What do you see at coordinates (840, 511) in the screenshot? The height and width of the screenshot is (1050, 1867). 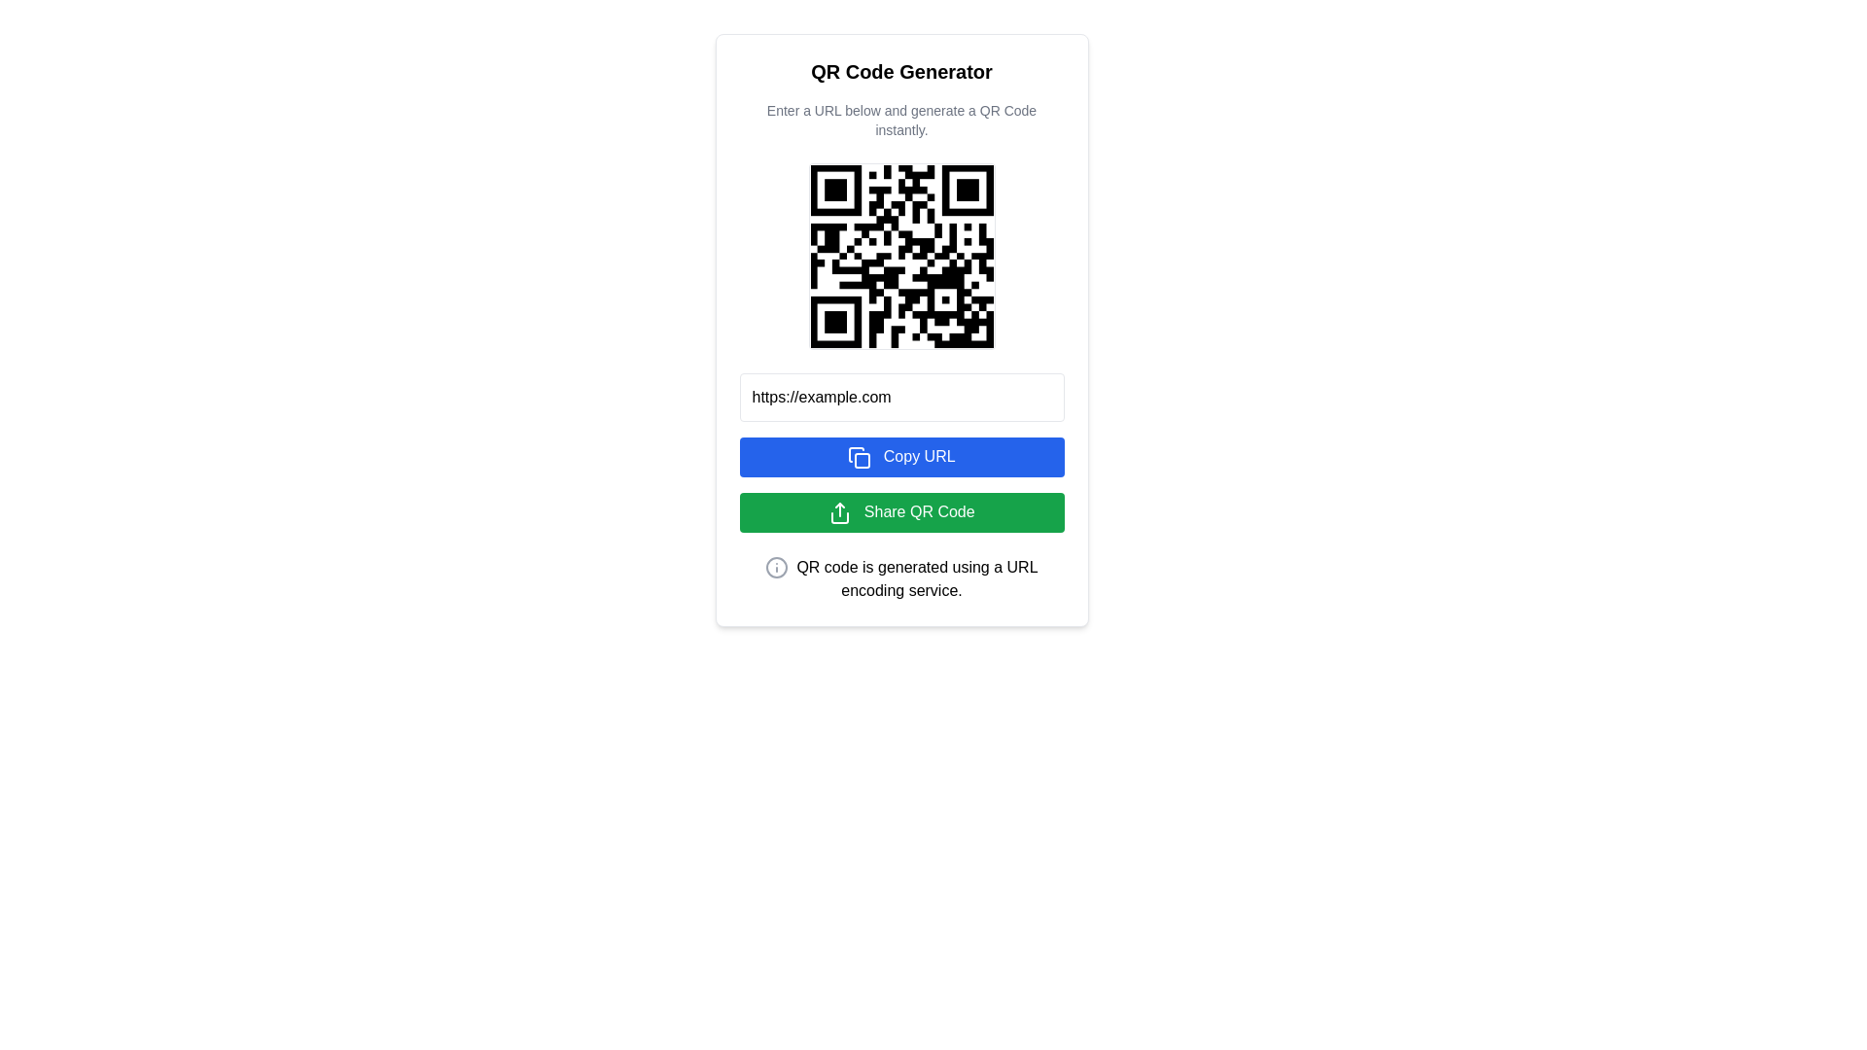 I see `the upward arrow icon on the green 'Share QR Code' button` at bounding box center [840, 511].